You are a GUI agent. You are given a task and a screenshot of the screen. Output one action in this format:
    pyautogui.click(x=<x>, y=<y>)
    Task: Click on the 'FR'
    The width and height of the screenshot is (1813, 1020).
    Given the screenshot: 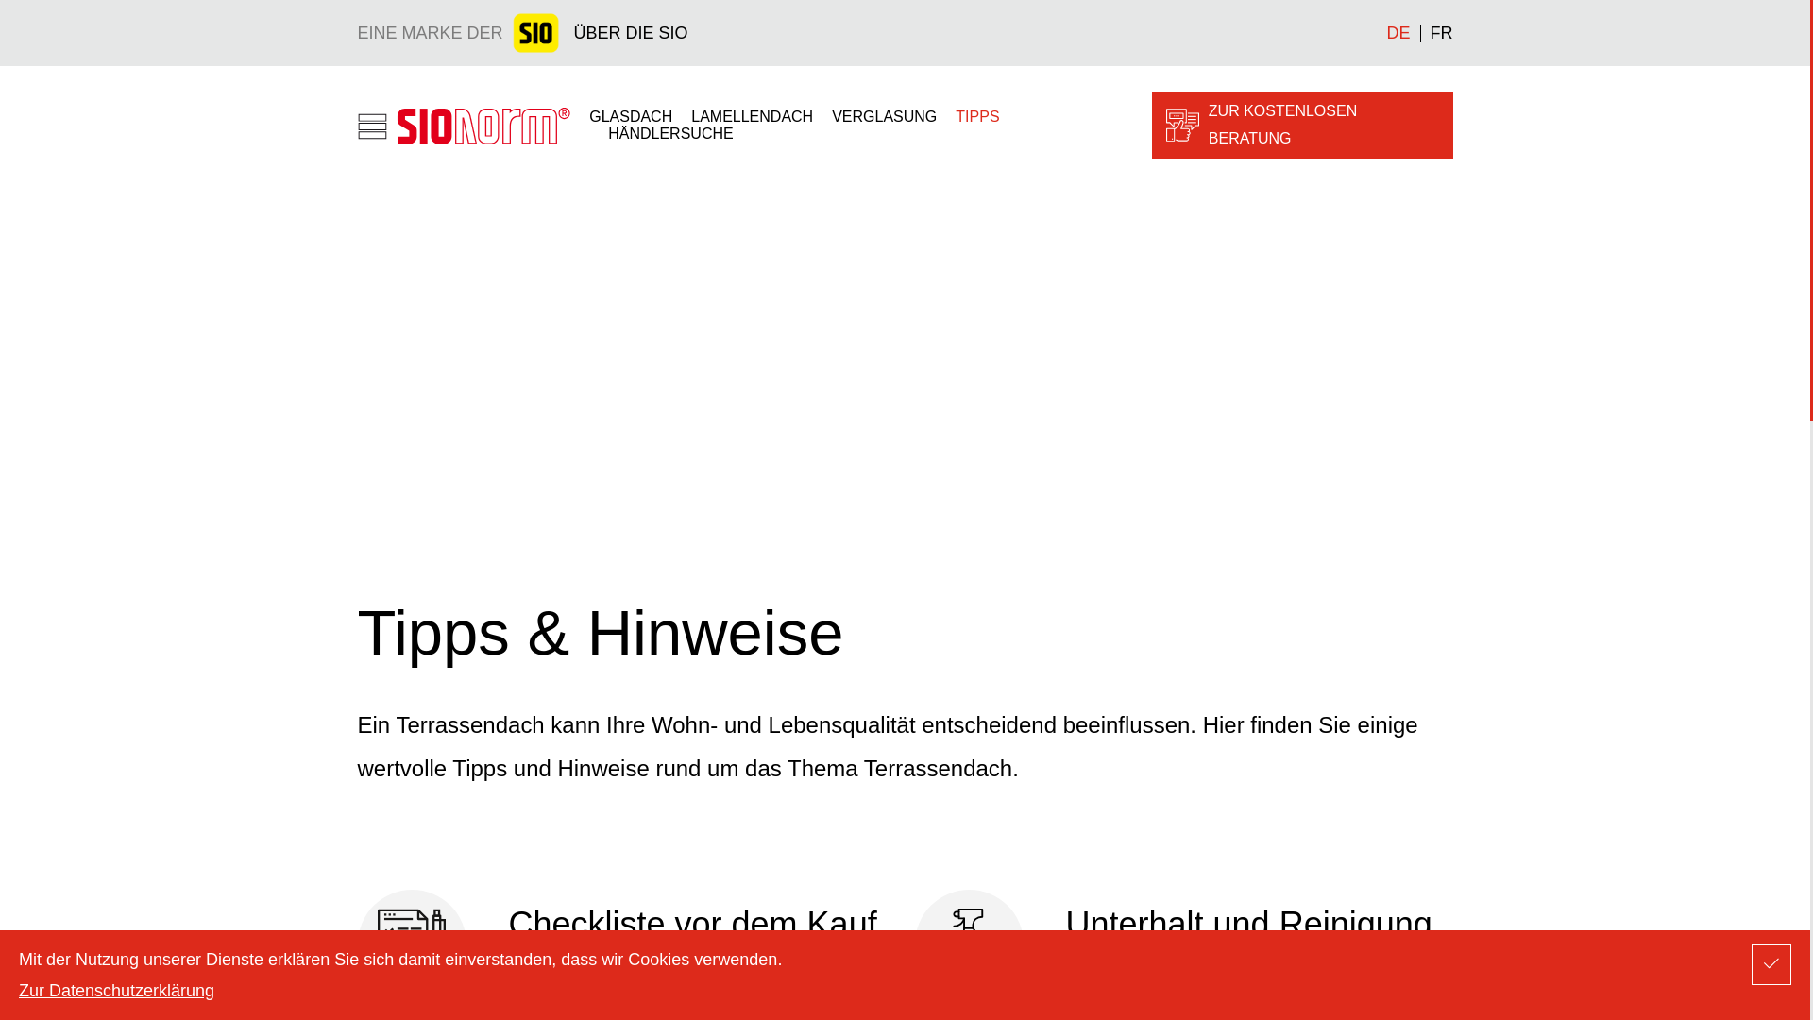 What is the action you would take?
    pyautogui.click(x=1435, y=32)
    